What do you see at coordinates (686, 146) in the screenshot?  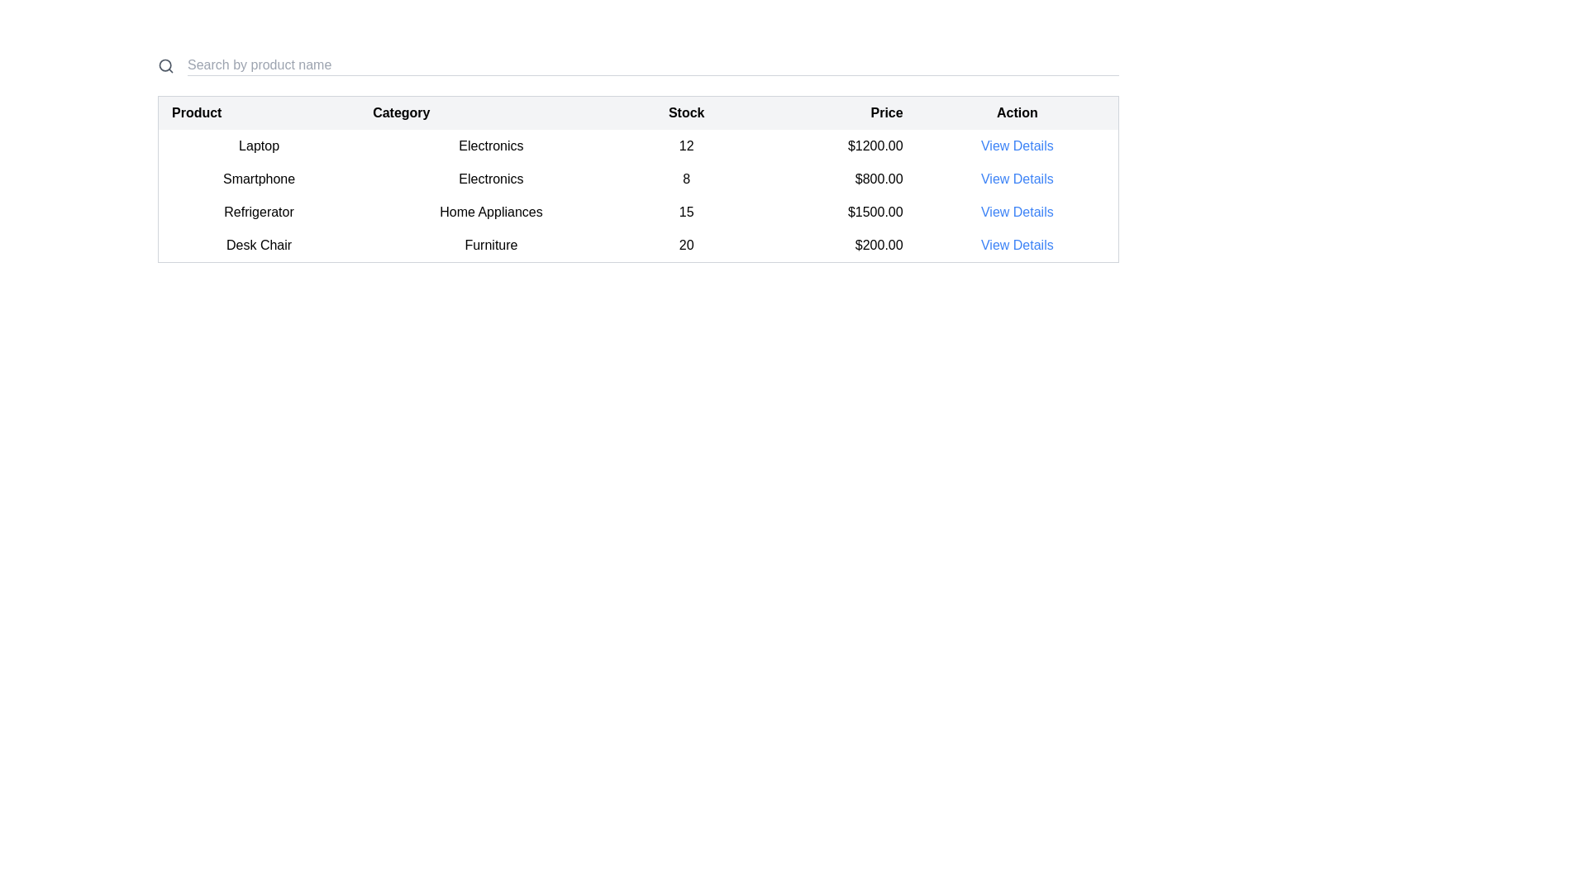 I see `the numeric text '12' in the stock column of the product table for the item 'Laptop'` at bounding box center [686, 146].